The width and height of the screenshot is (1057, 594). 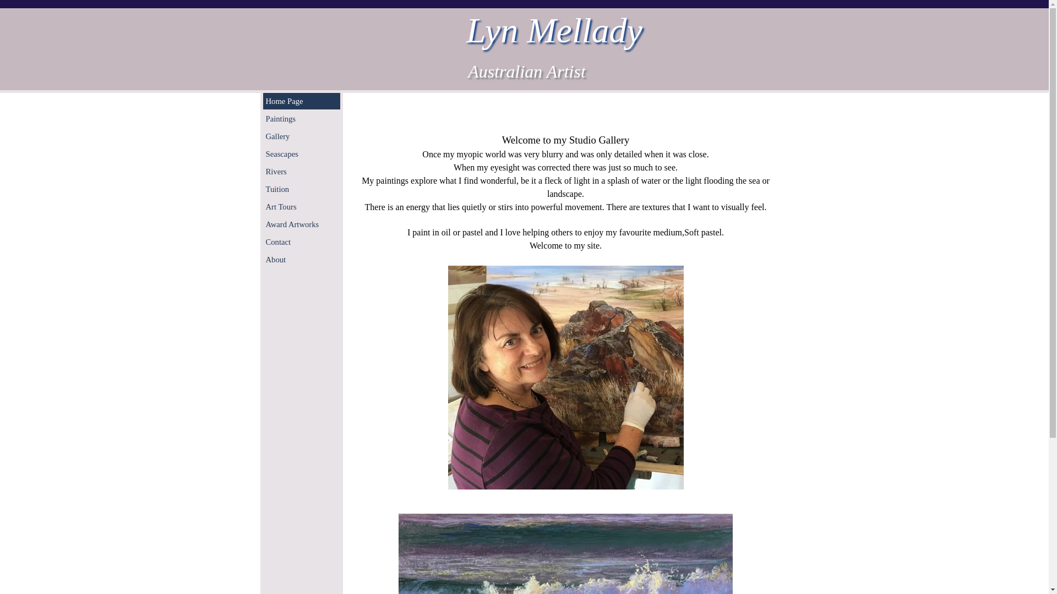 I want to click on 'Seascapes', so click(x=301, y=154).